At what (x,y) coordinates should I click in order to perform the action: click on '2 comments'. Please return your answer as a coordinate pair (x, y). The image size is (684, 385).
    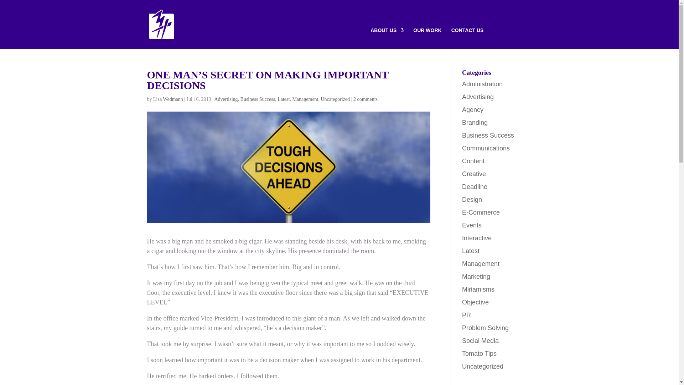
    Looking at the image, I should click on (366, 99).